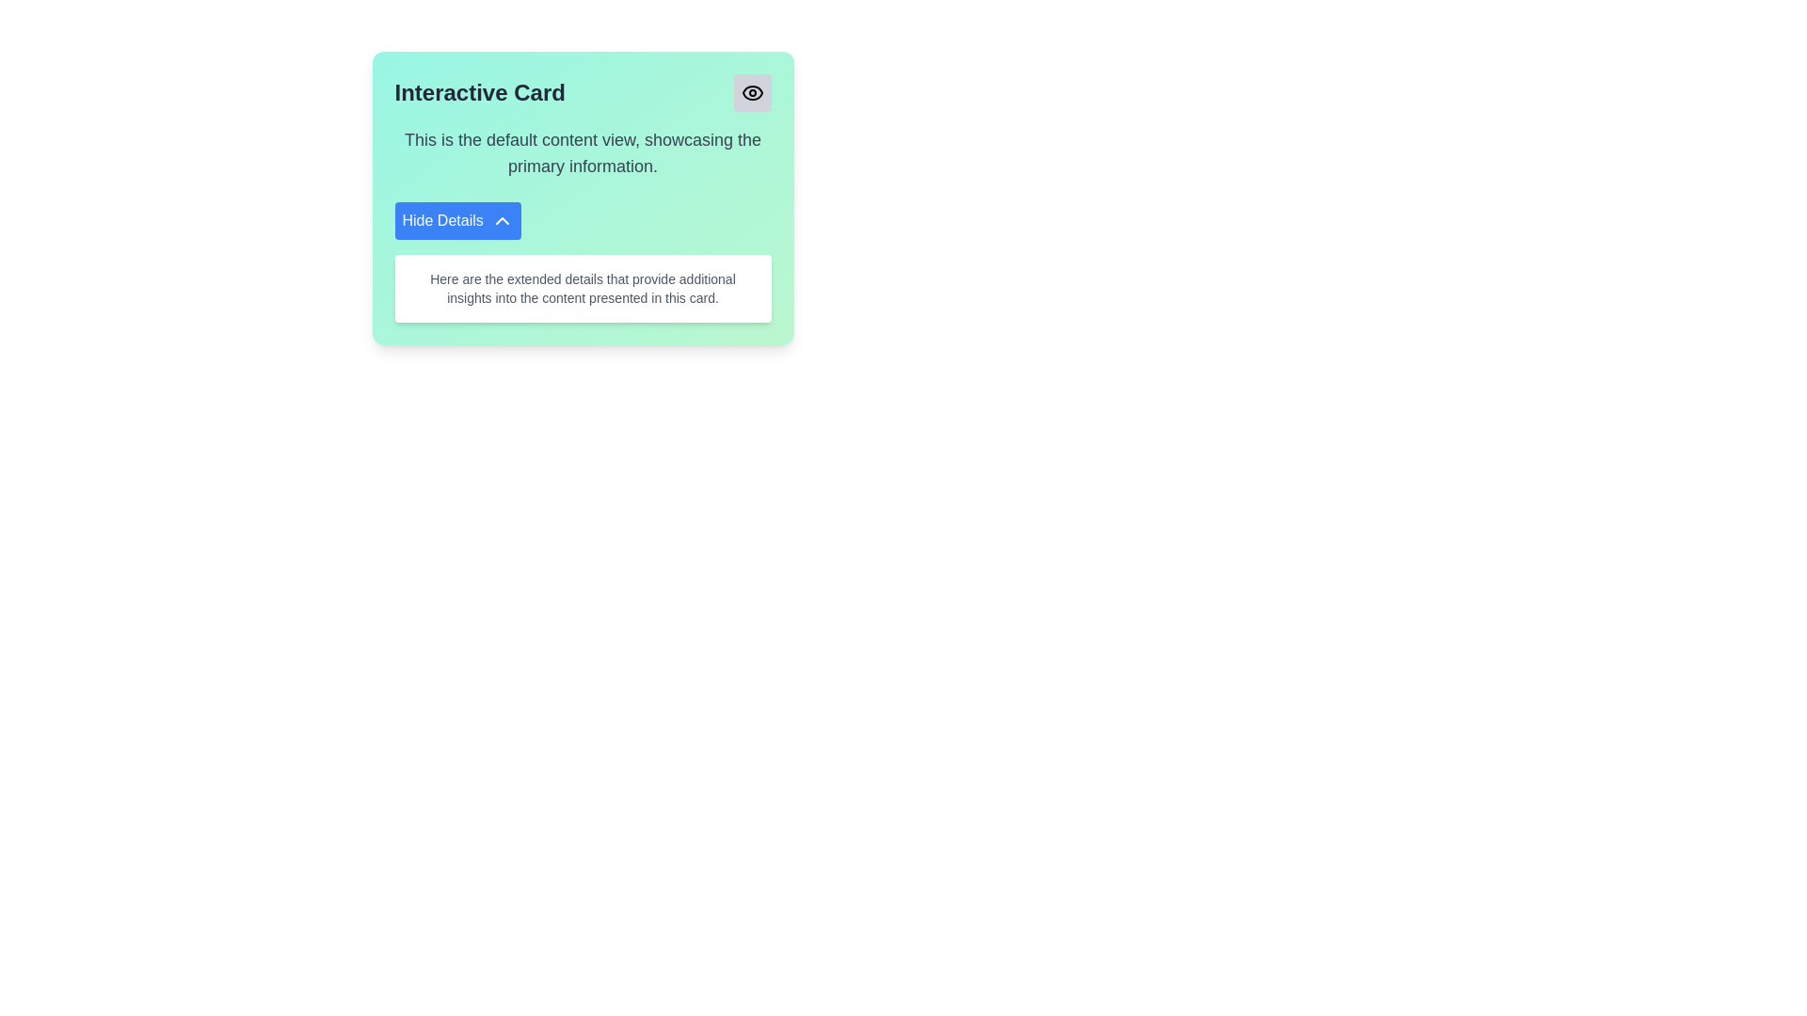  I want to click on the text inside the text content area that is styled with a light gray font color and contains the message: 'Here are the extended details that provide additional insights into the content presented in this card.', so click(582, 289).